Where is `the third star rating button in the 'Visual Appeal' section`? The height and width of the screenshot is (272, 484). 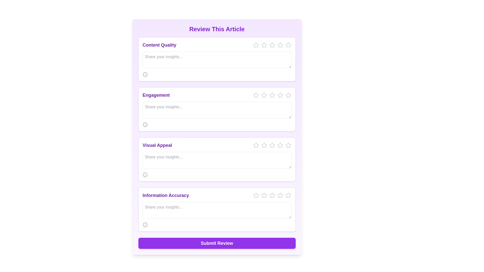
the third star rating button in the 'Visual Appeal' section is located at coordinates (264, 145).